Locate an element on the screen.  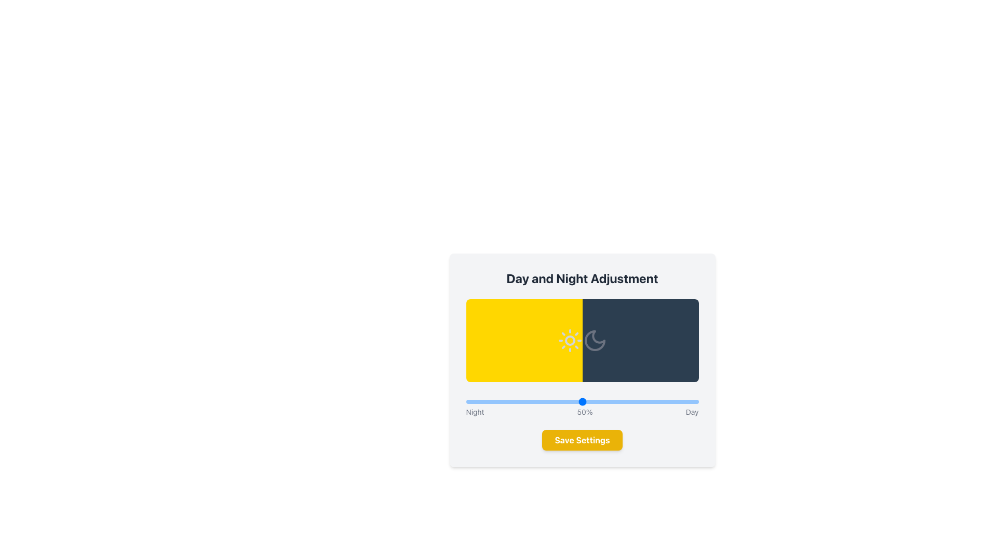
the text label that indicates the positions along the slider, which includes 'Night', 'Day', and '50%' is located at coordinates (582, 411).